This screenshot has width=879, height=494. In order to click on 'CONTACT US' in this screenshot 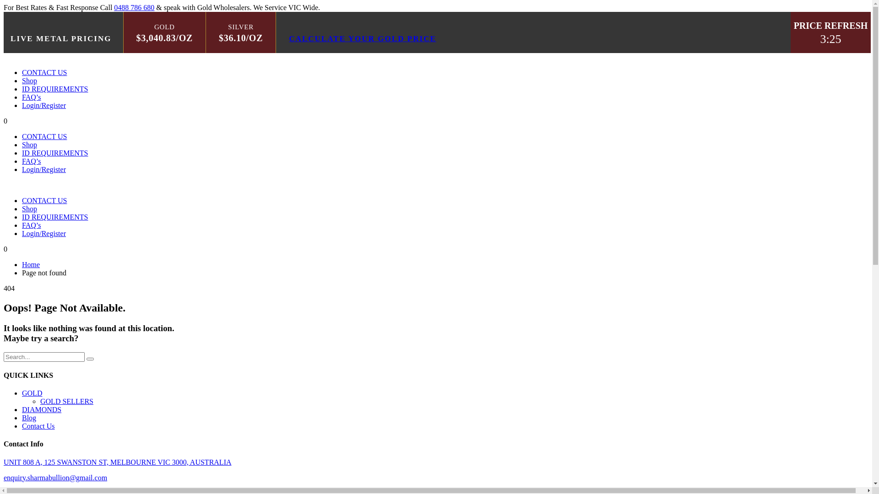, I will do `click(43, 136)`.